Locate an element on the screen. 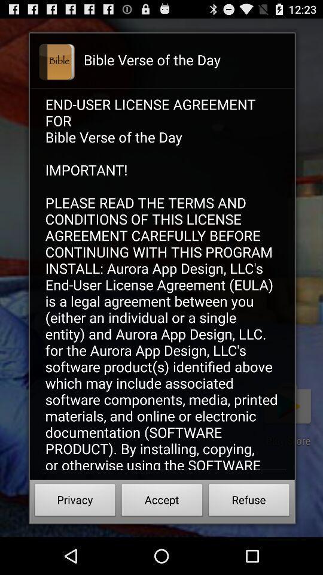  button at the bottom is located at coordinates (161, 501).